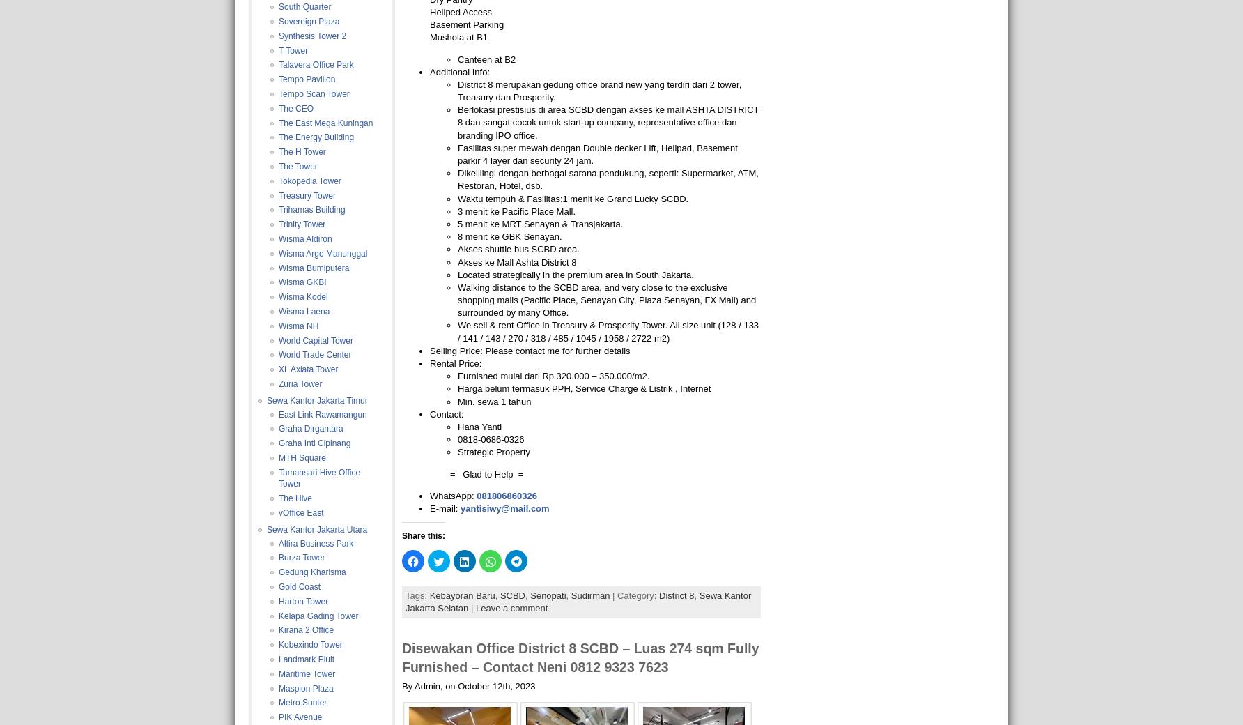  Describe the element at coordinates (547, 594) in the screenshot. I see `'Senopati'` at that location.